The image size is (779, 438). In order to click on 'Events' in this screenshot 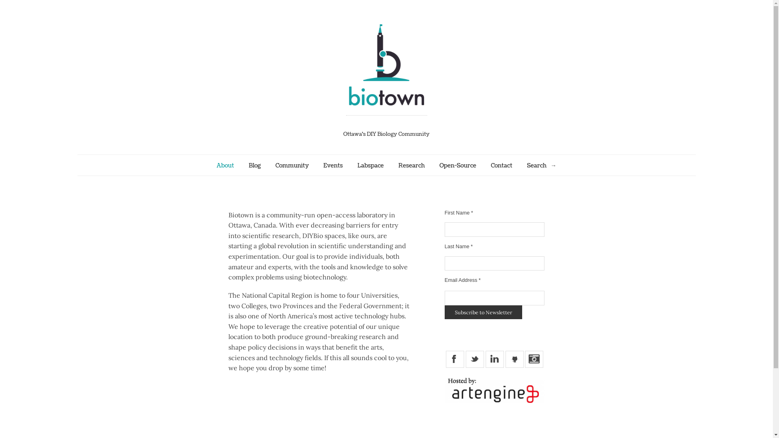, I will do `click(323, 165)`.